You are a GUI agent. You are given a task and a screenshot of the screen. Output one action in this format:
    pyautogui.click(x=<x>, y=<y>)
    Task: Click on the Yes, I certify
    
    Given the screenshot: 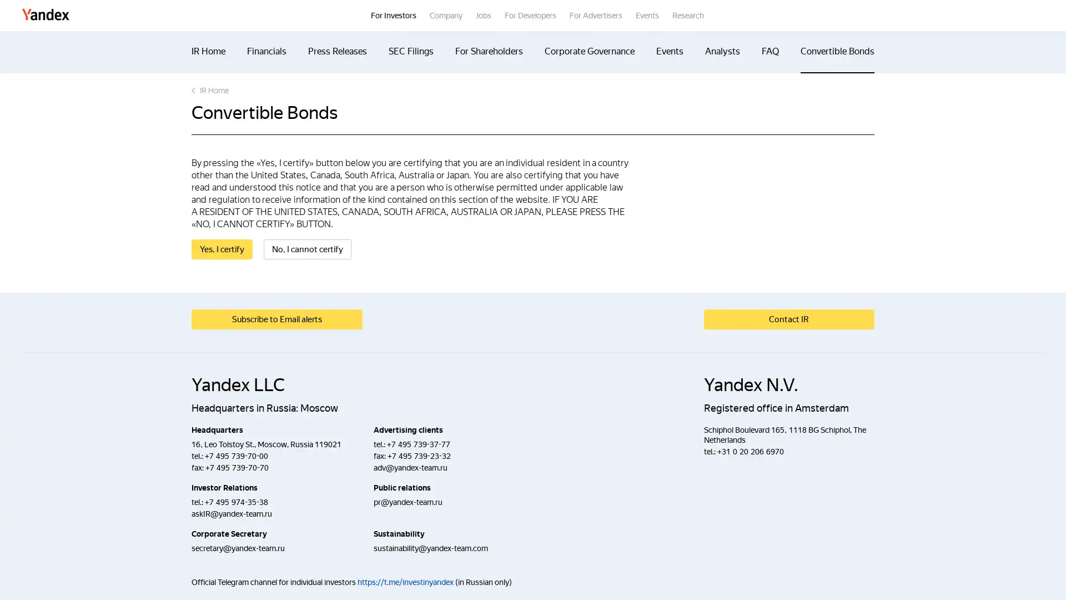 What is the action you would take?
    pyautogui.click(x=222, y=248)
    